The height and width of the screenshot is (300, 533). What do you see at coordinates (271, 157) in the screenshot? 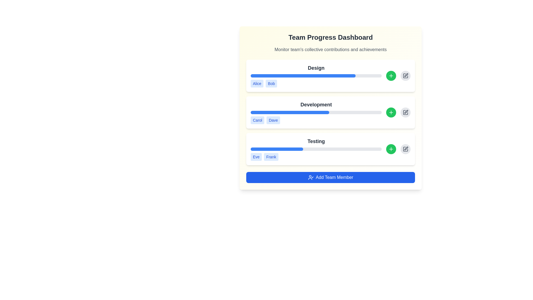
I see `the second badge in the 'Testing' section, which signifies an individual or entity, located next to the 'Eve' badge` at bounding box center [271, 157].